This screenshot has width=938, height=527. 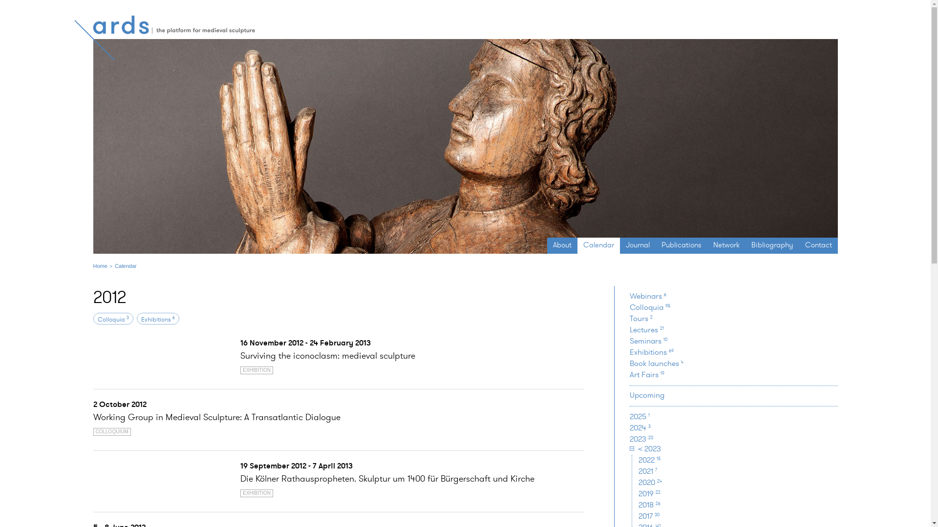 I want to click on 'Colloquia 3', so click(x=113, y=319).